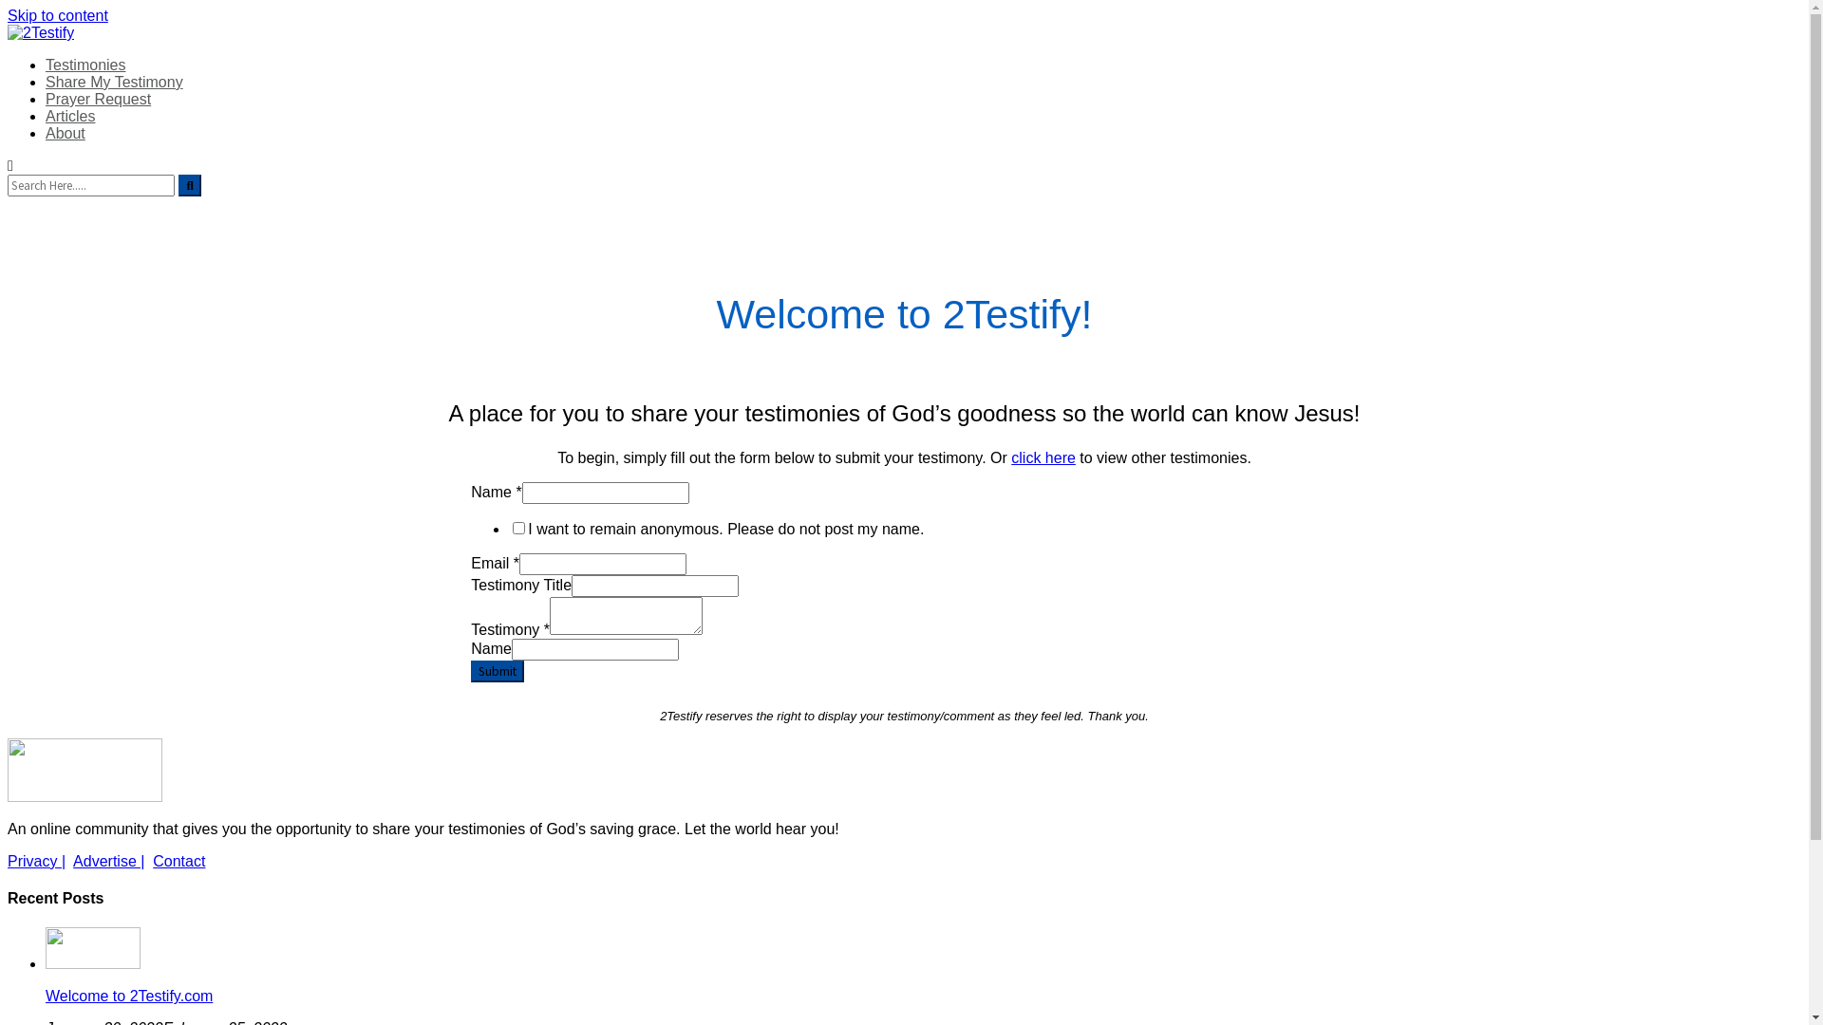 This screenshot has width=1823, height=1025. Describe the element at coordinates (1043, 457) in the screenshot. I see `'click here'` at that location.